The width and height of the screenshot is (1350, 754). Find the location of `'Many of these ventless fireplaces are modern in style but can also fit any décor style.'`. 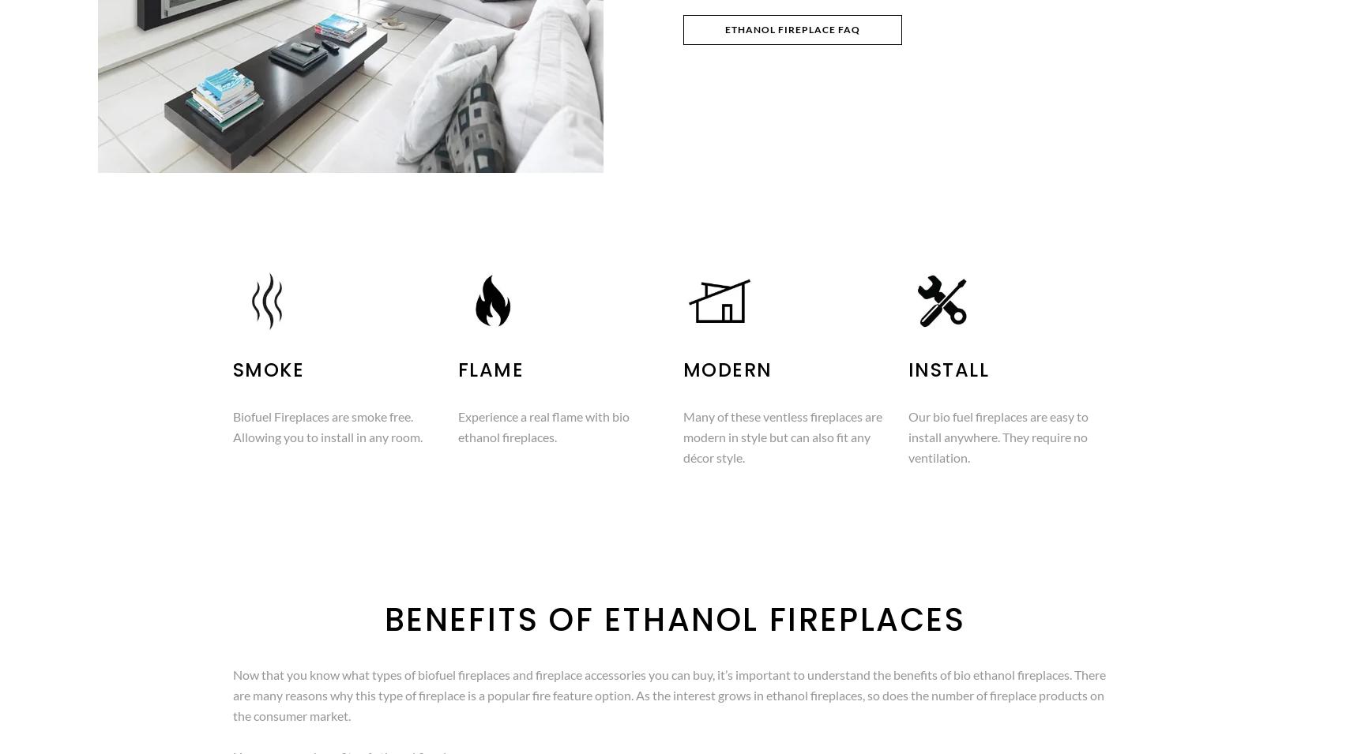

'Many of these ventless fireplaces are modern in style but can also fit any décor style.' is located at coordinates (683, 437).